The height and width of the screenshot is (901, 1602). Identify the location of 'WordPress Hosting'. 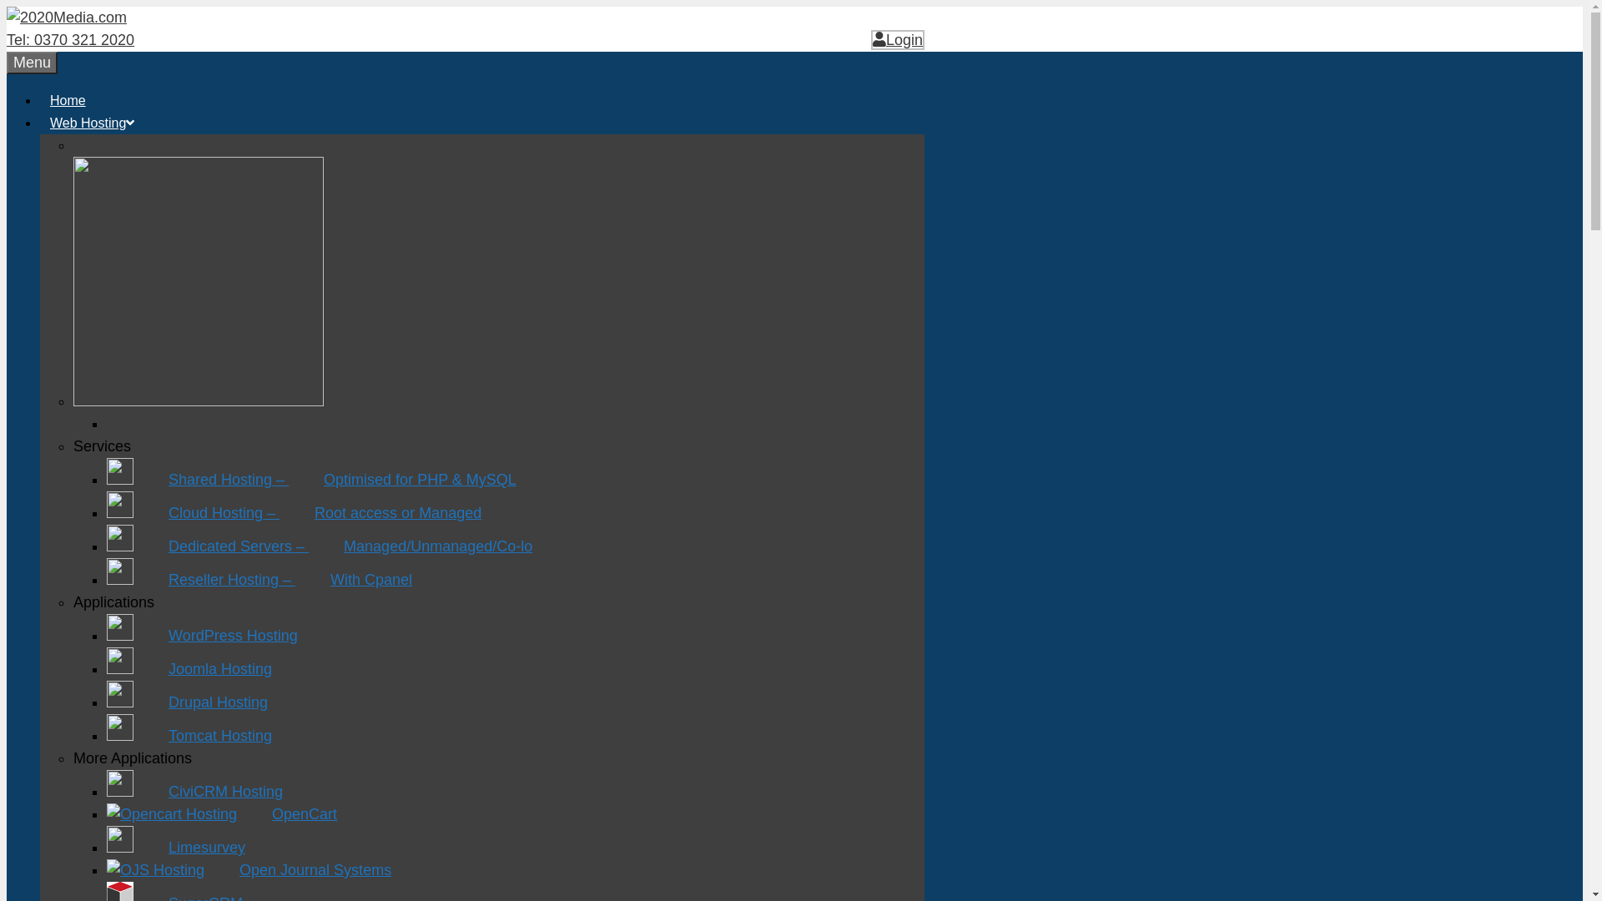
(201, 636).